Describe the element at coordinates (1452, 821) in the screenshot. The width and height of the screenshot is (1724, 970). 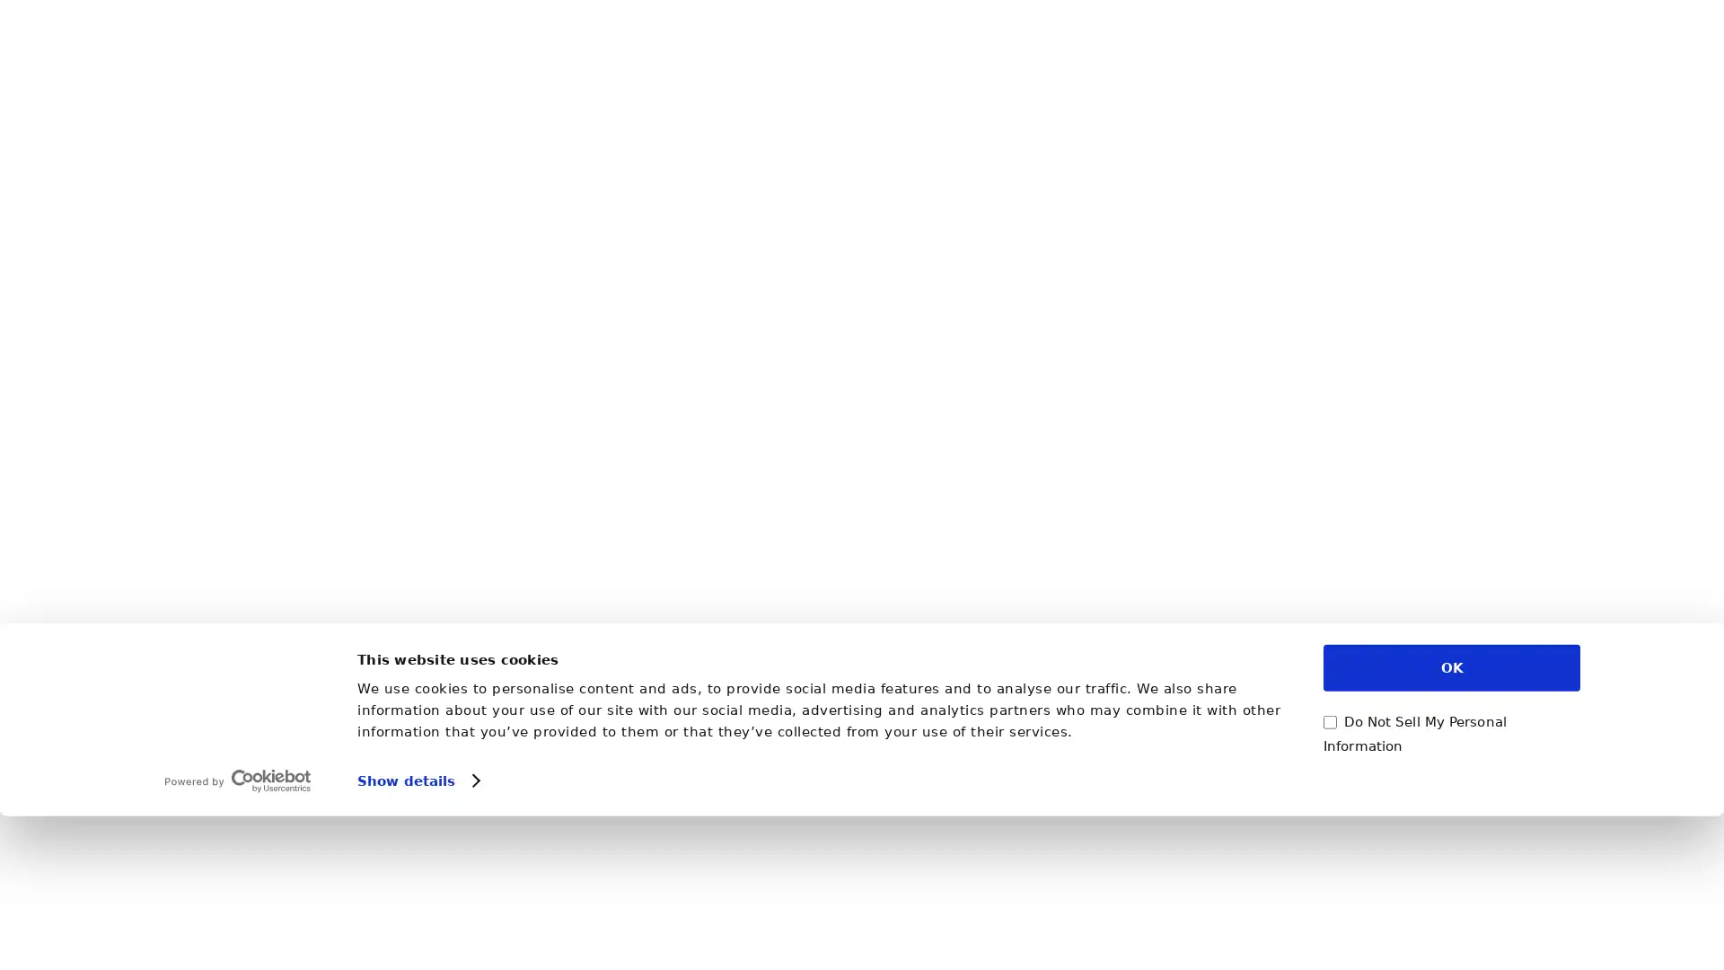
I see `OK` at that location.